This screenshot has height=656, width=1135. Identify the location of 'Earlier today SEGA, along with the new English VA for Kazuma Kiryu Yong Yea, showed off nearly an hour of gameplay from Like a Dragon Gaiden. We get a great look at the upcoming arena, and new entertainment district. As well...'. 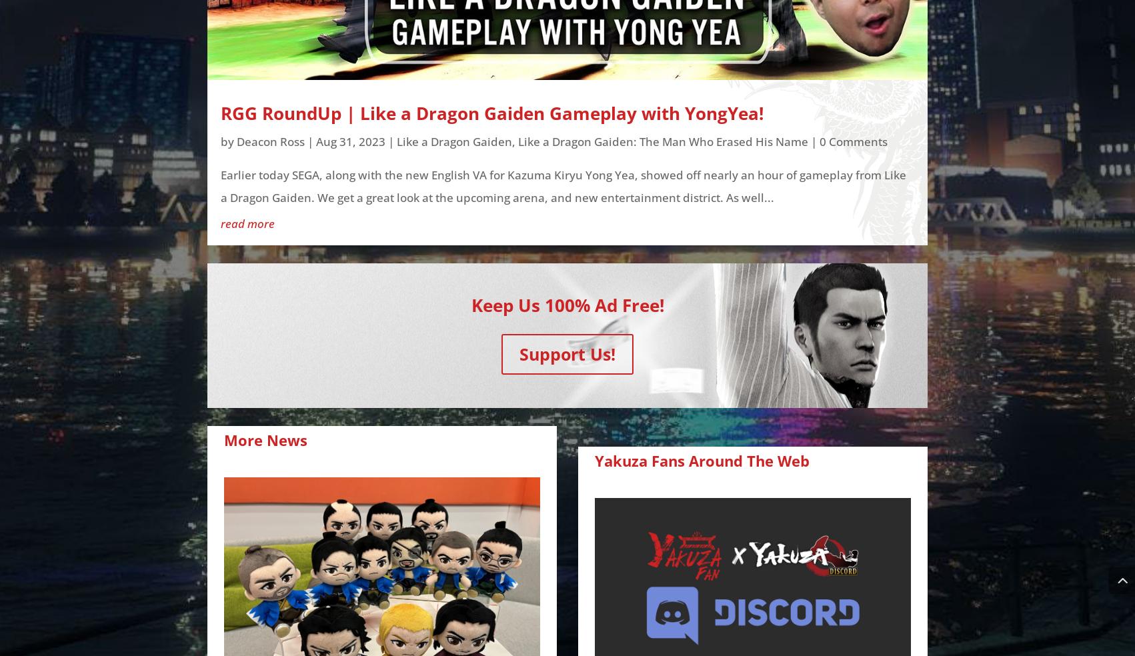
(563, 185).